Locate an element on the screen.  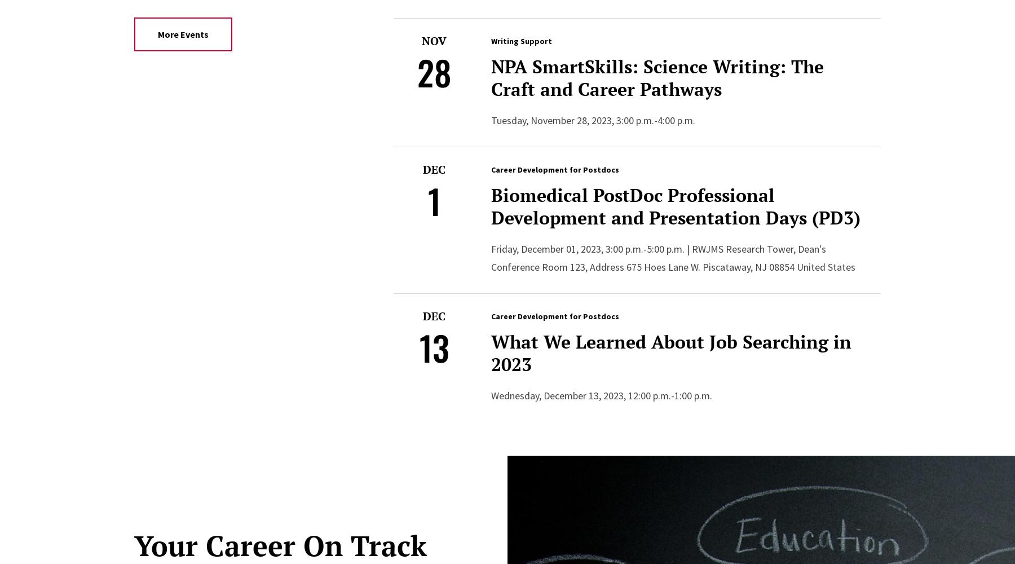
'Biomedical PostDoc Professional Development and Presentation Days (PD3)' is located at coordinates (675, 206).